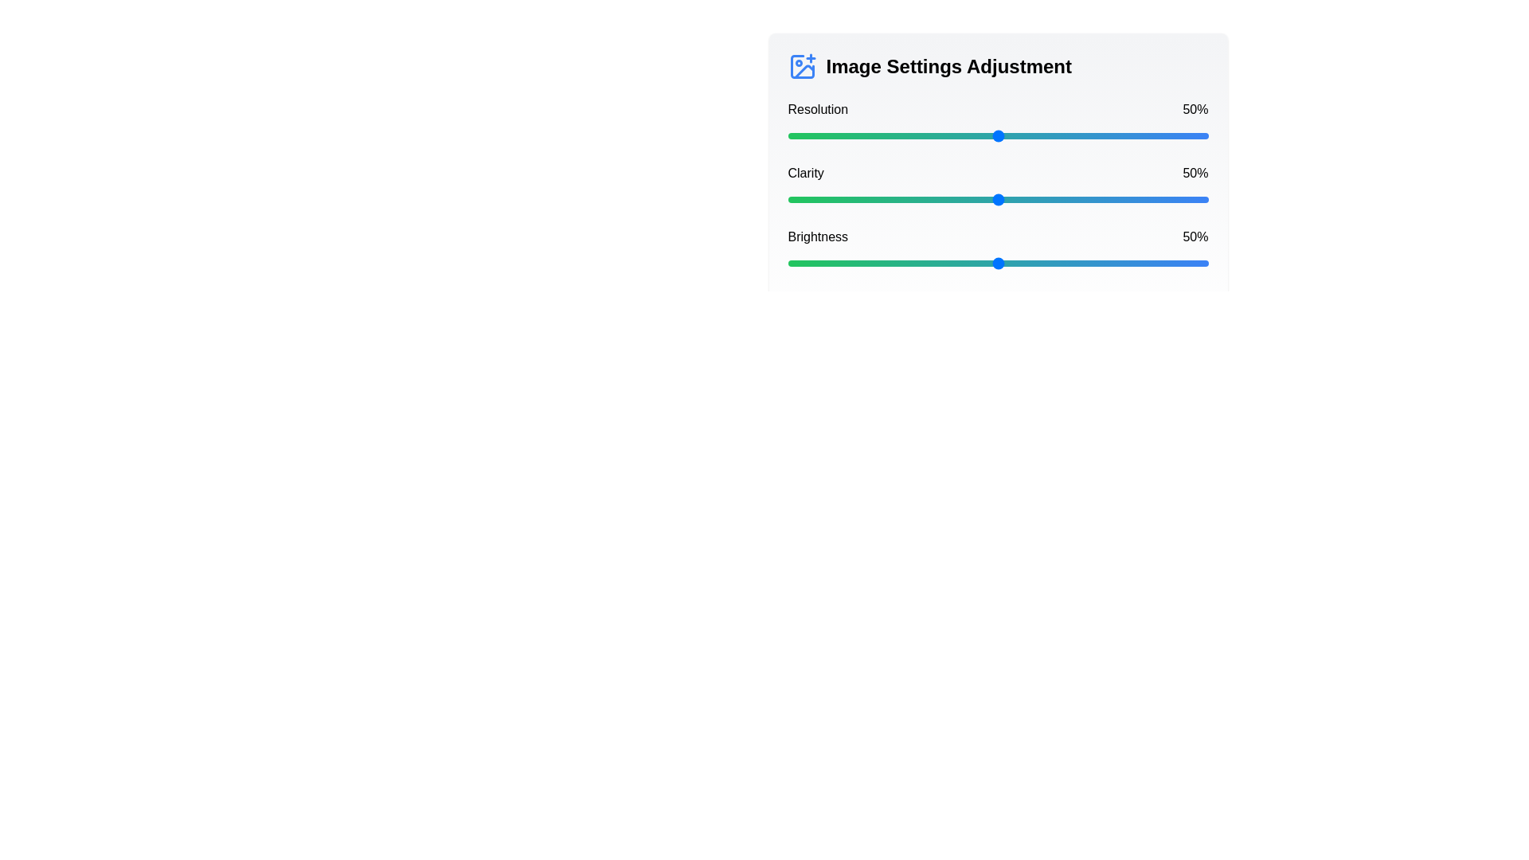  What do you see at coordinates (972, 135) in the screenshot?
I see `the resolution slider to 44%` at bounding box center [972, 135].